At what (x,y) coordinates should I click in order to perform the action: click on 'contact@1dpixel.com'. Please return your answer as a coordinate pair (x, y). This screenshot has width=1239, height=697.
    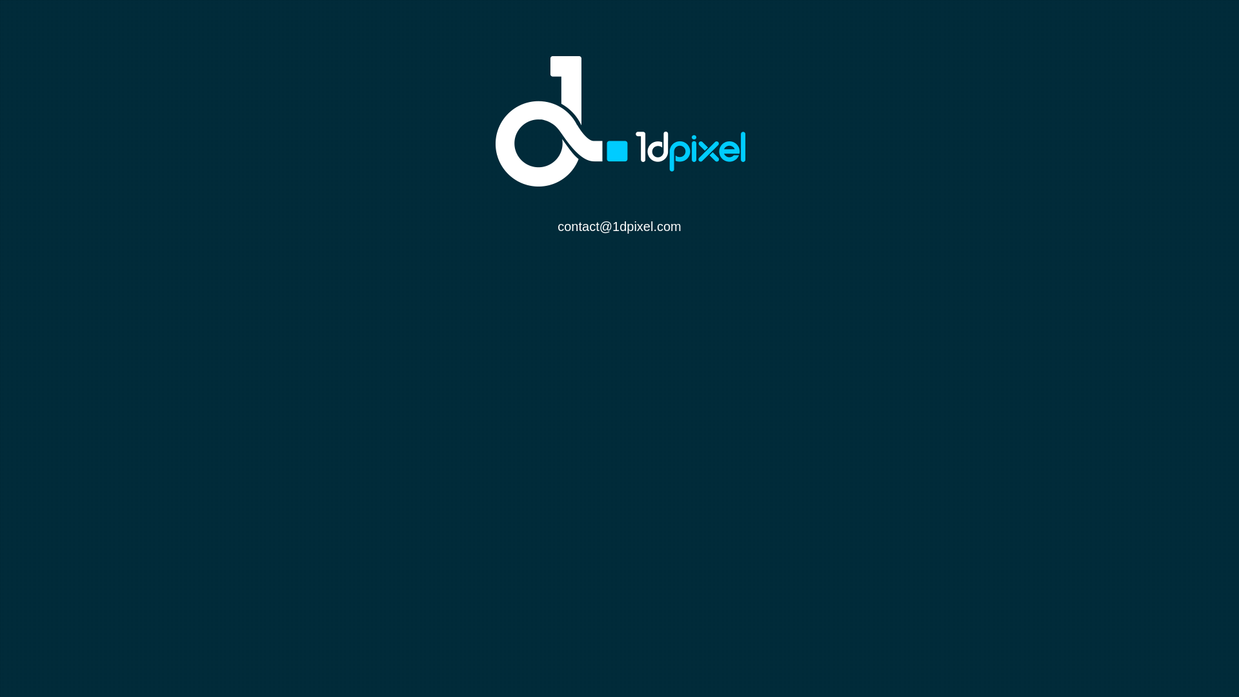
    Looking at the image, I should click on (619, 226).